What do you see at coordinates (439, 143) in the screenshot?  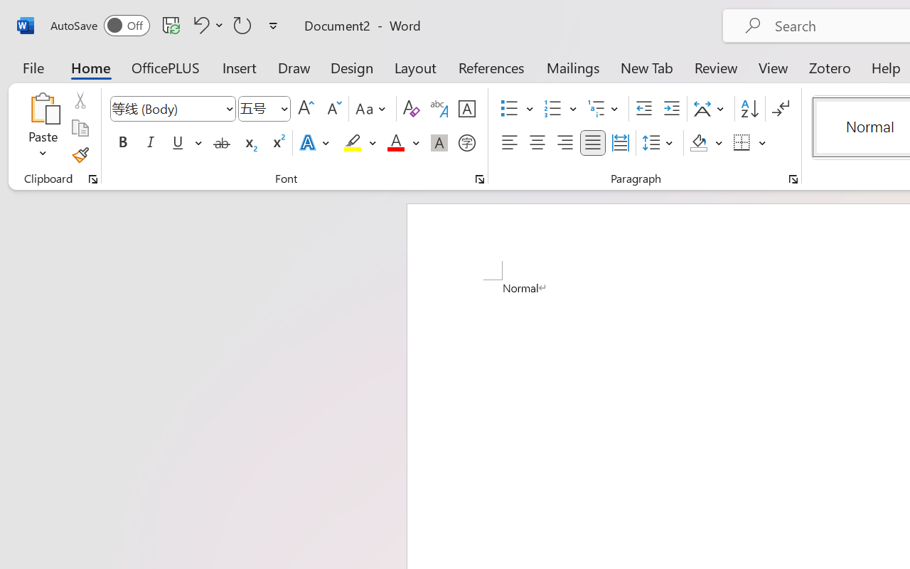 I see `'Character Shading'` at bounding box center [439, 143].